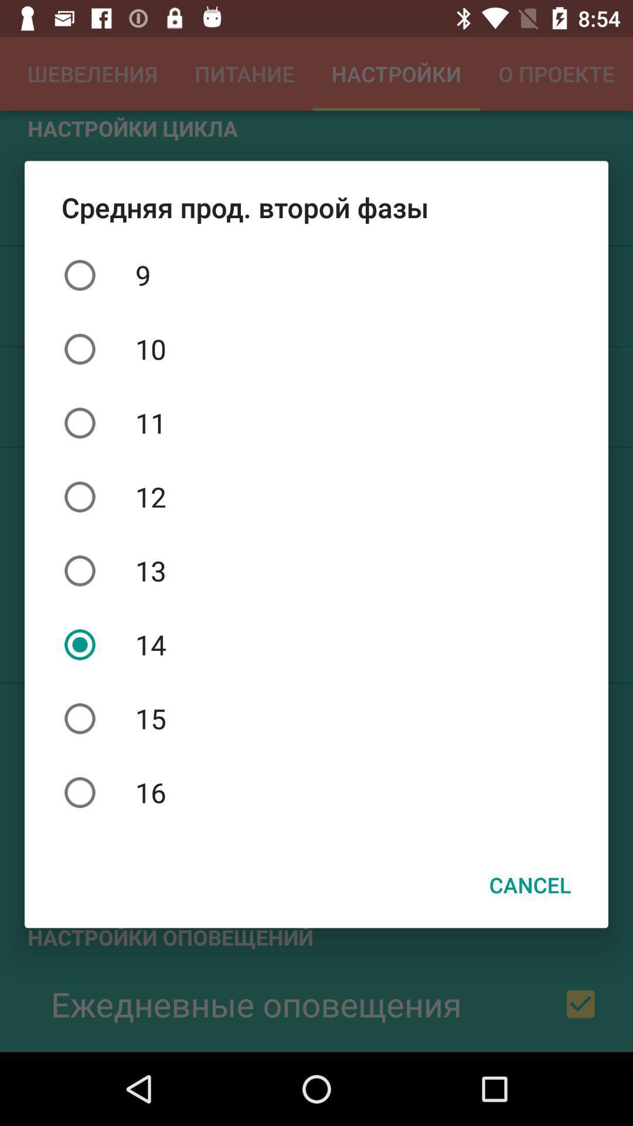 Image resolution: width=633 pixels, height=1126 pixels. What do you see at coordinates (316, 571) in the screenshot?
I see `the 13` at bounding box center [316, 571].